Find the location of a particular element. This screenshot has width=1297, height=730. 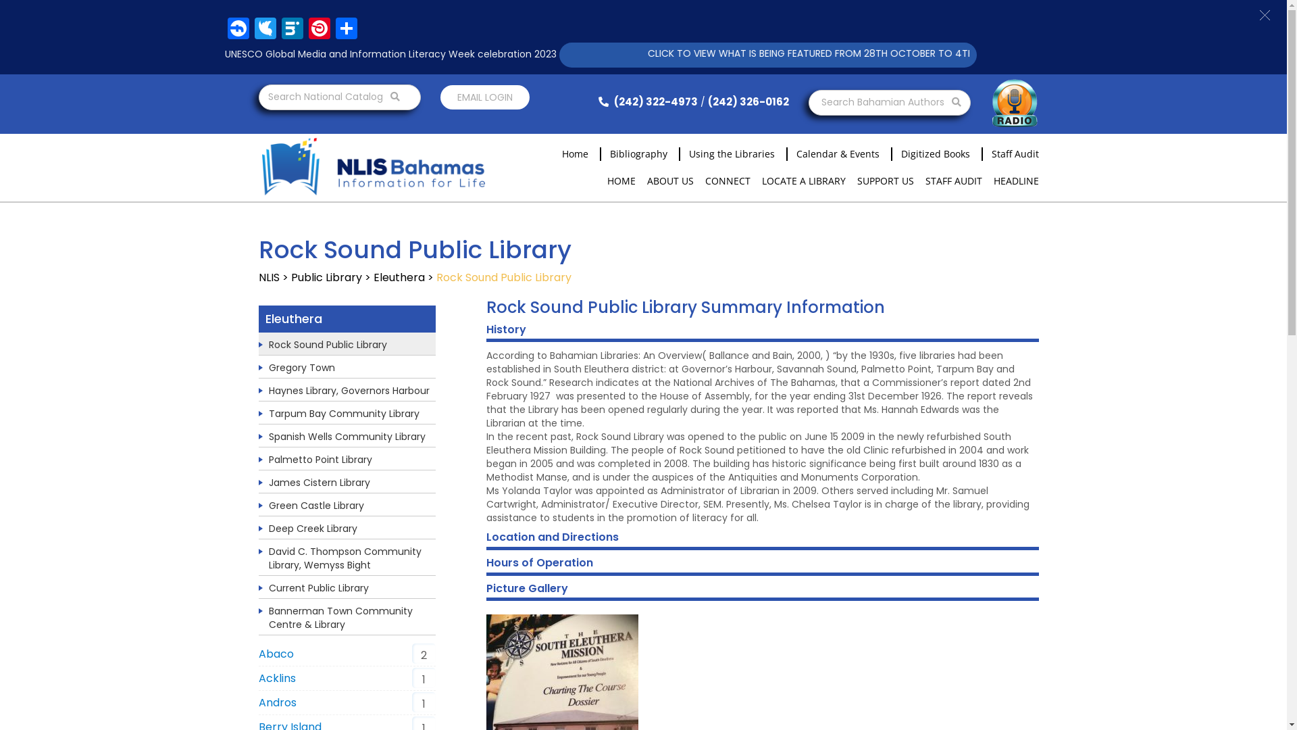

'Share' is located at coordinates (346, 30).